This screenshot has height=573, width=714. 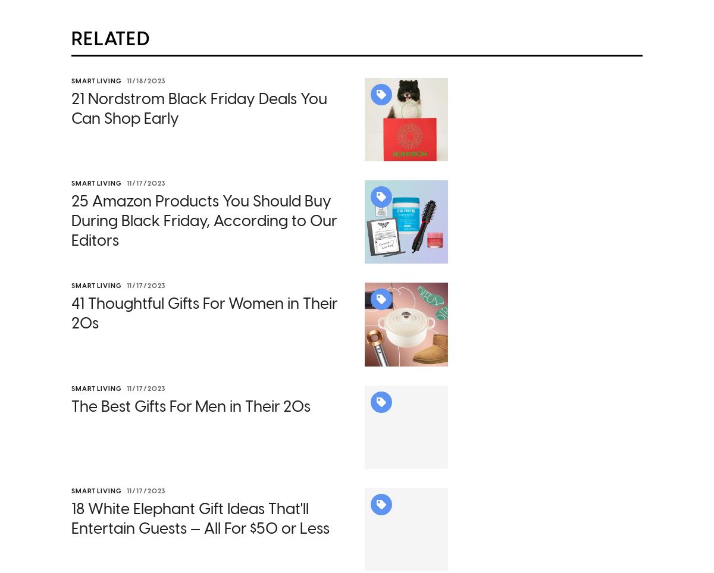 What do you see at coordinates (258, 106) in the screenshot?
I see `'As shopping editors, we've tried and tested plenty of products, and we're highlighting the picks we truly love. Whether it's a hair tool we use pretty much every day, a skin-care product we repurchase constantly, or a game-changing complexion product, you can rest assured that these picks are editor-backed and vetted. Retailers like Amazon, Ulta, Sephora, and Nordstrom have early sales and deals you don't want to miss. We even girl-mathed the savings, so you'll get the most bang for your buck during the shopping season.'` at bounding box center [258, 106].